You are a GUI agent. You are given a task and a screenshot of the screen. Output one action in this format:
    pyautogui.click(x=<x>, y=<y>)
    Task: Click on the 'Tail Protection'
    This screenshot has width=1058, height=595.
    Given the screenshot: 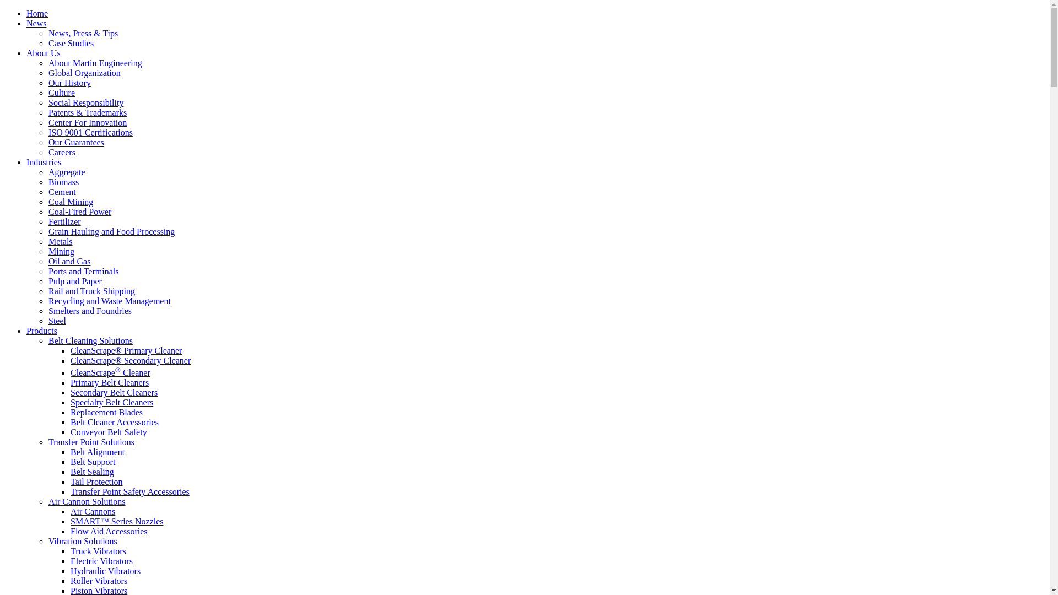 What is the action you would take?
    pyautogui.click(x=96, y=481)
    